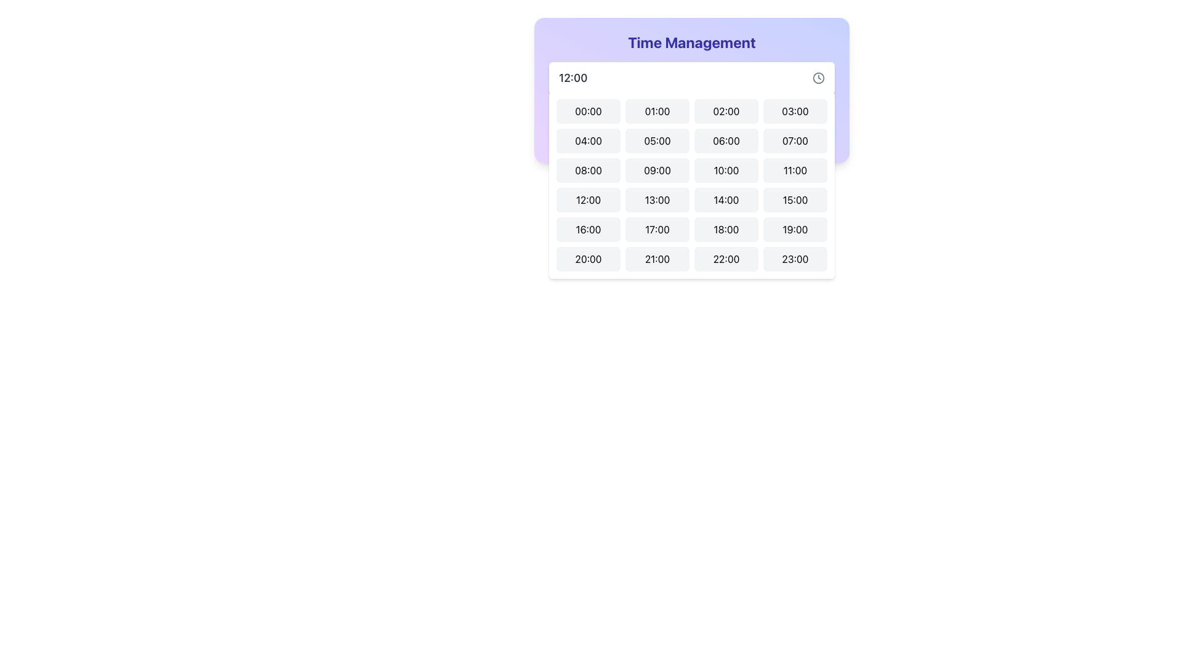 The height and width of the screenshot is (665, 1182). I want to click on the time value Text Label located in the top-right corner of the white card interface, to the left of the clock icon, so click(573, 78).